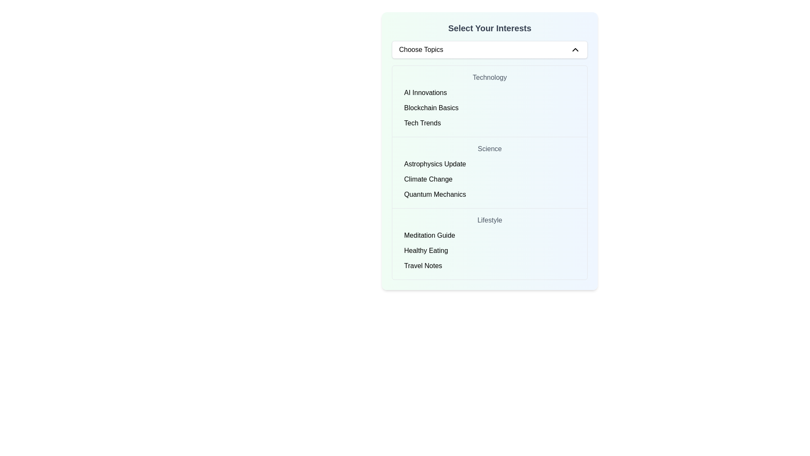 The height and width of the screenshot is (456, 810). Describe the element at coordinates (429, 236) in the screenshot. I see `the 'Meditation Guide' static text label` at that location.